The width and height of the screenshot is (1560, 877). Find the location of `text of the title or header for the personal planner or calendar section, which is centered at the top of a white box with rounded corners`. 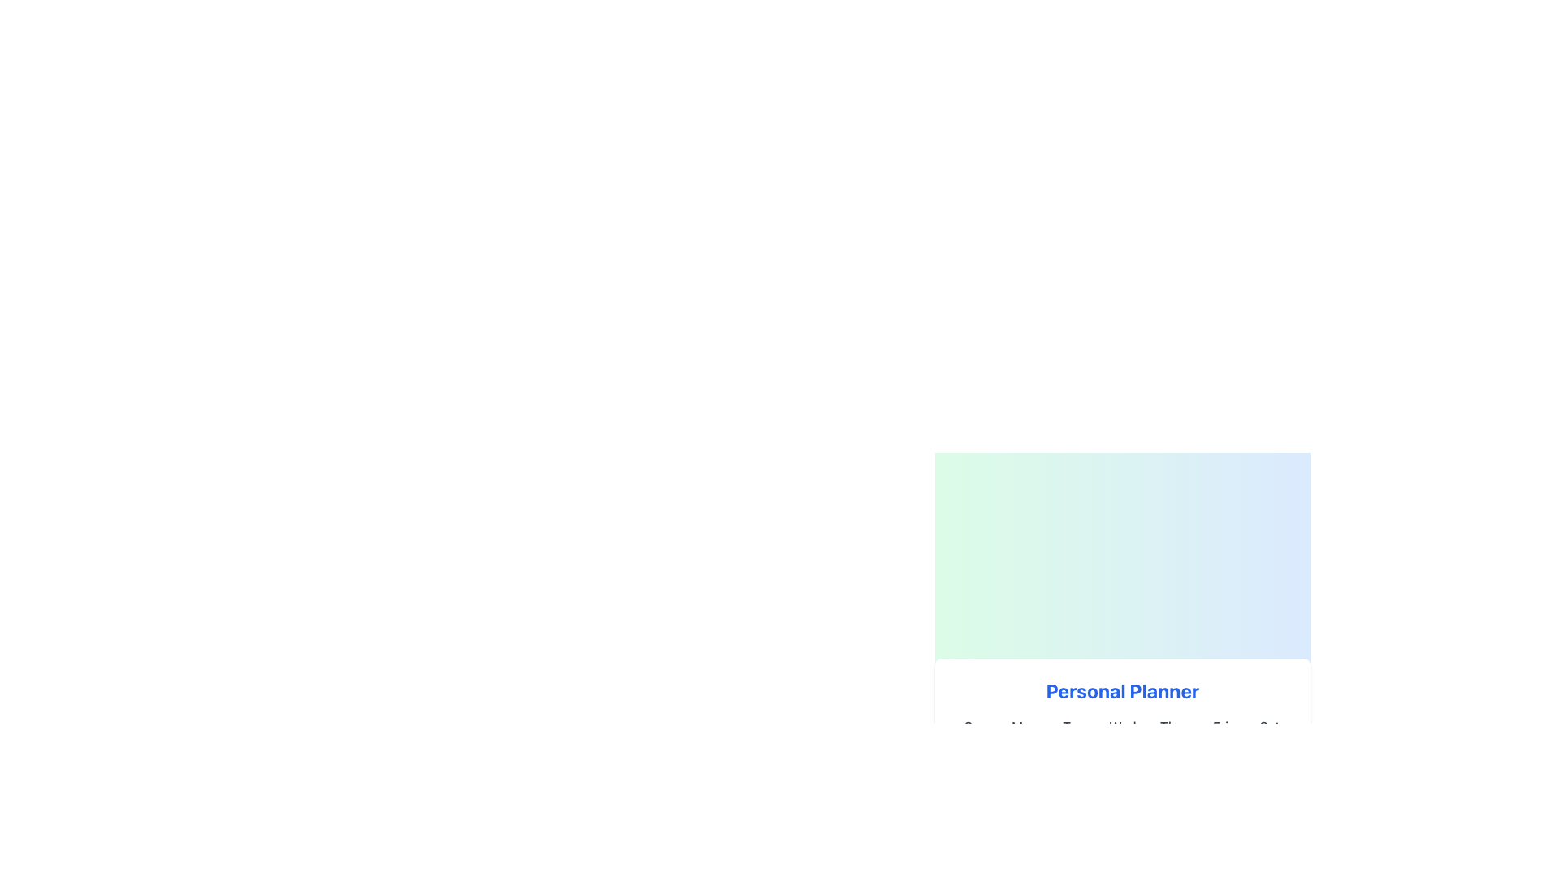

text of the title or header for the personal planner or calendar section, which is centered at the top of a white box with rounded corners is located at coordinates (1122, 691).